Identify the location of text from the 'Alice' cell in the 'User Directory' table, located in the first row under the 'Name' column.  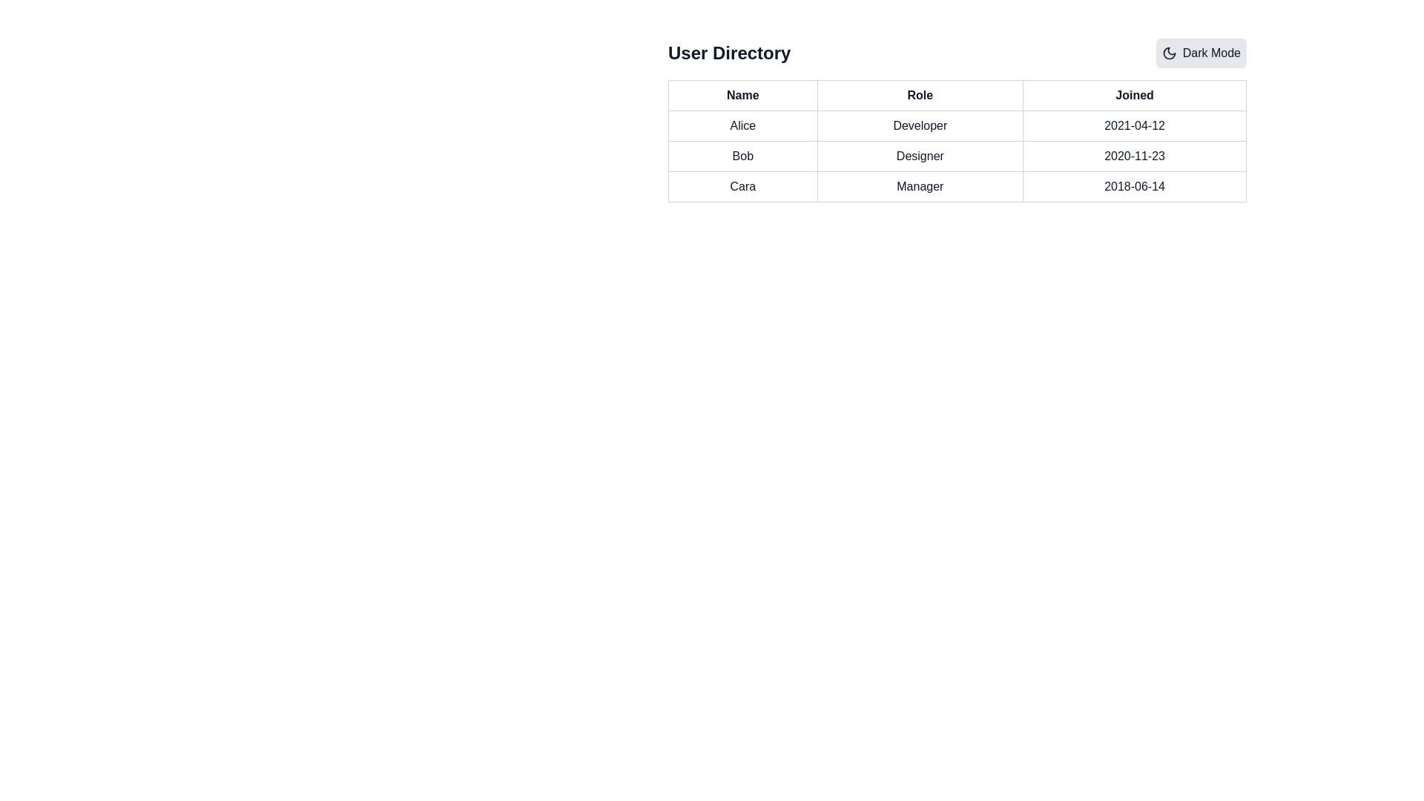
(742, 125).